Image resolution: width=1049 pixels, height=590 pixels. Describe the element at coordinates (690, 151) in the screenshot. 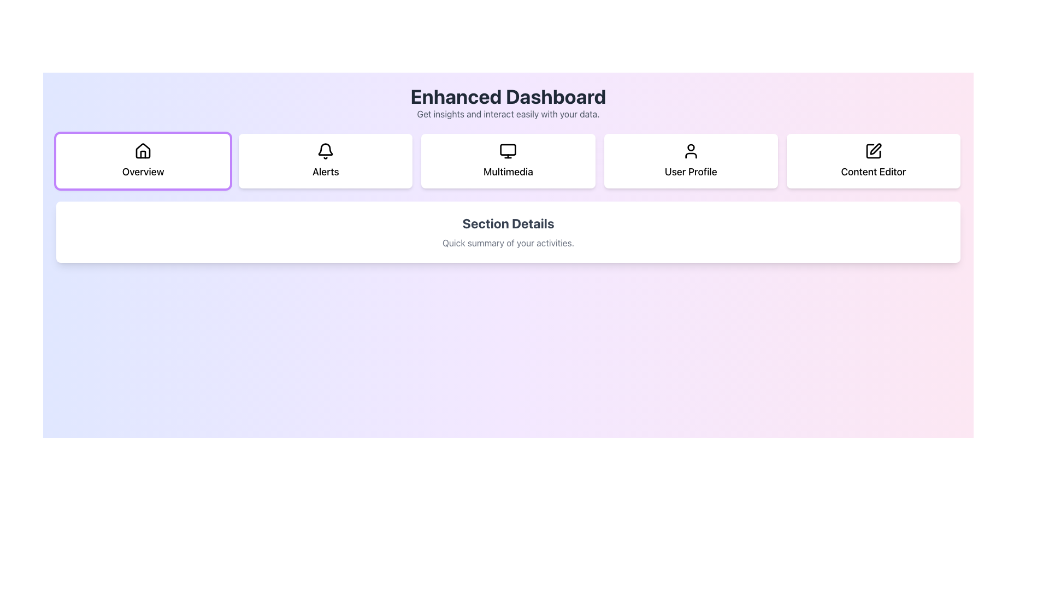

I see `the user profile icon, which is a line drawing of a simplified person, located at the top center of the 'User Profile' card in the dashboard interface` at that location.